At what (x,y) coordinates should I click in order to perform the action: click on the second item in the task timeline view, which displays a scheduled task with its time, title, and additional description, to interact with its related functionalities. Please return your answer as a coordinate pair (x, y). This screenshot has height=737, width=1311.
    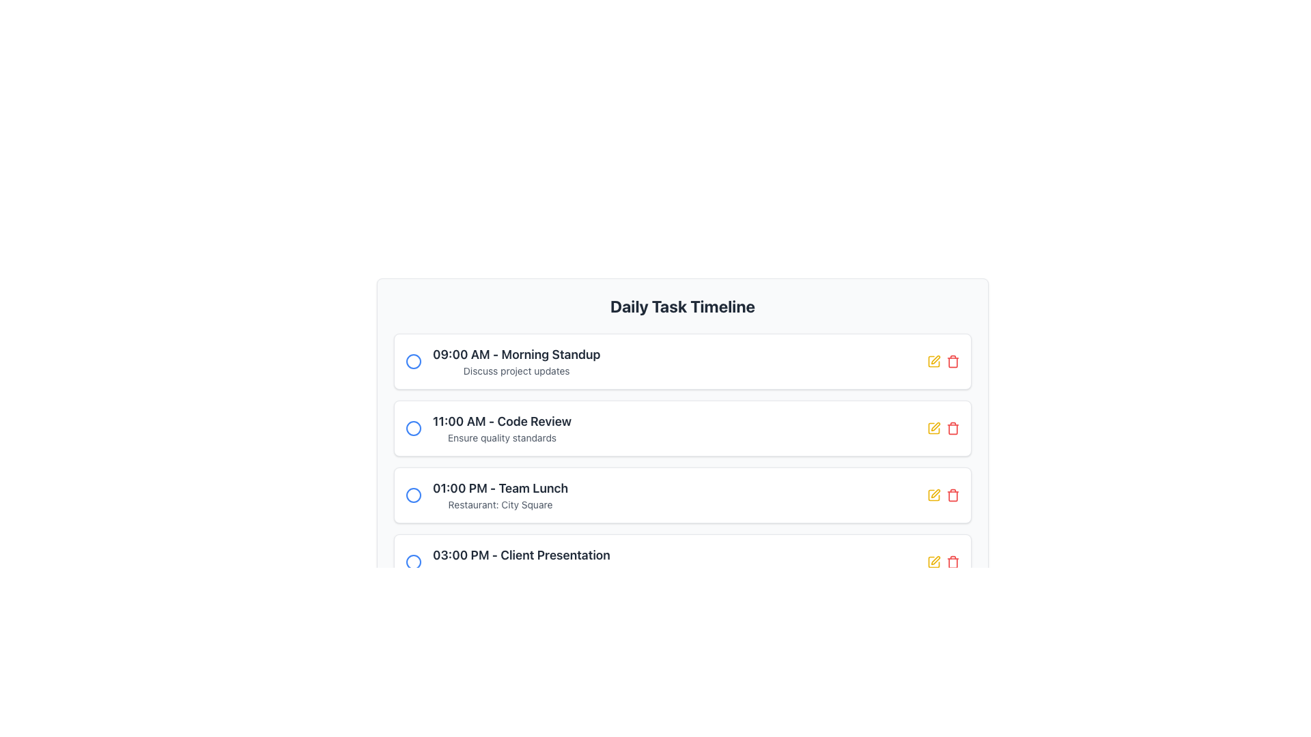
    Looking at the image, I should click on (488, 428).